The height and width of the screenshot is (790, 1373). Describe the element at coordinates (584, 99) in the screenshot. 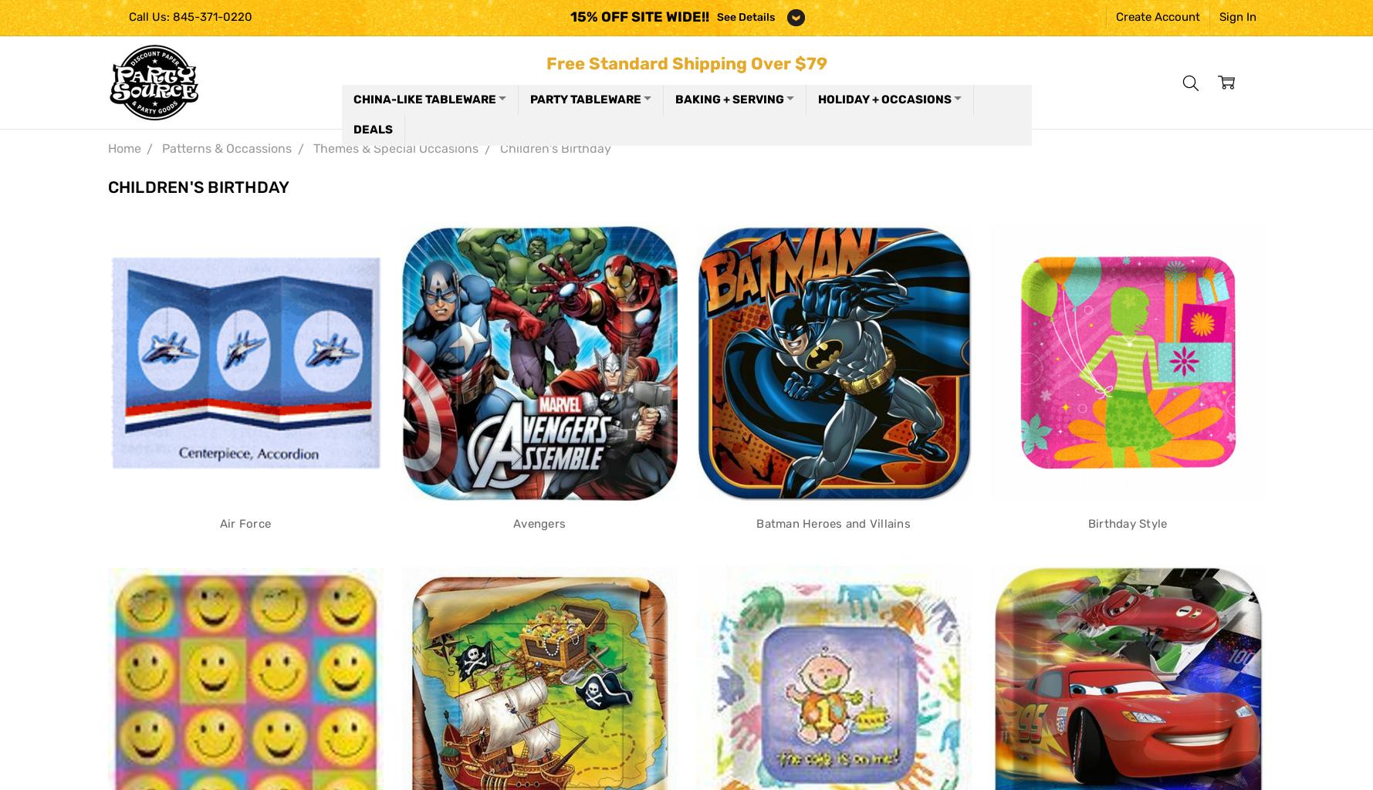

I see `'Party Tableware'` at that location.